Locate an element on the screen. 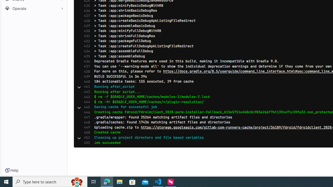 The width and height of the screenshot is (333, 187). '449' is located at coordinates (86, 128).